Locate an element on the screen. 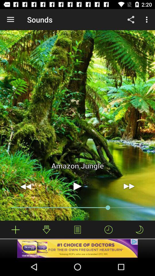  hide timeline is located at coordinates (108, 229).